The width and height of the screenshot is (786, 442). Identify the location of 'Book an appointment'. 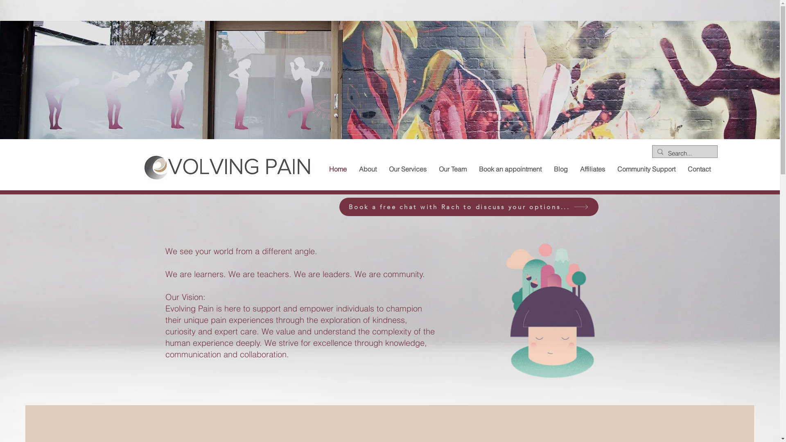
(472, 169).